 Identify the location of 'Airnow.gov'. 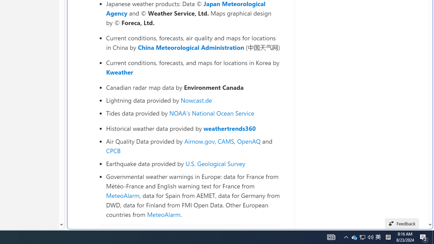
(199, 141).